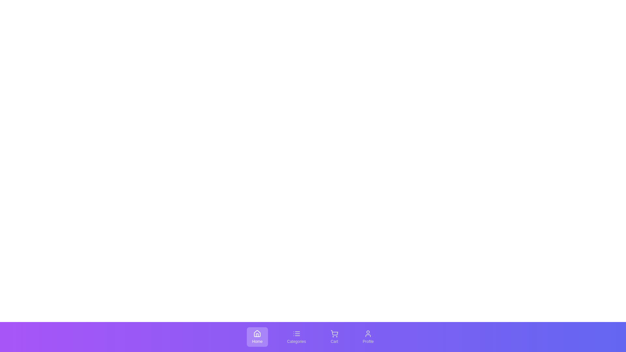  What do you see at coordinates (257, 337) in the screenshot?
I see `the tab corresponding to Home` at bounding box center [257, 337].